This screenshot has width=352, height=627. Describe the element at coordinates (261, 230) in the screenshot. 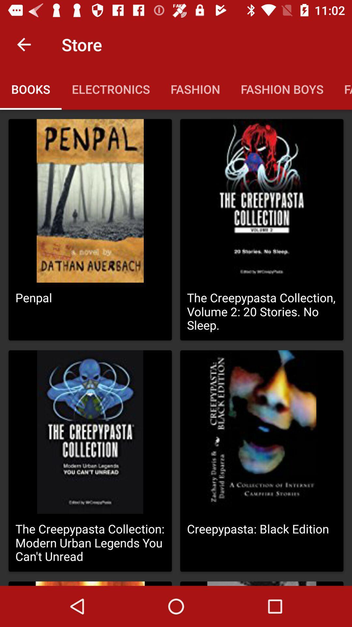

I see `the second block` at that location.